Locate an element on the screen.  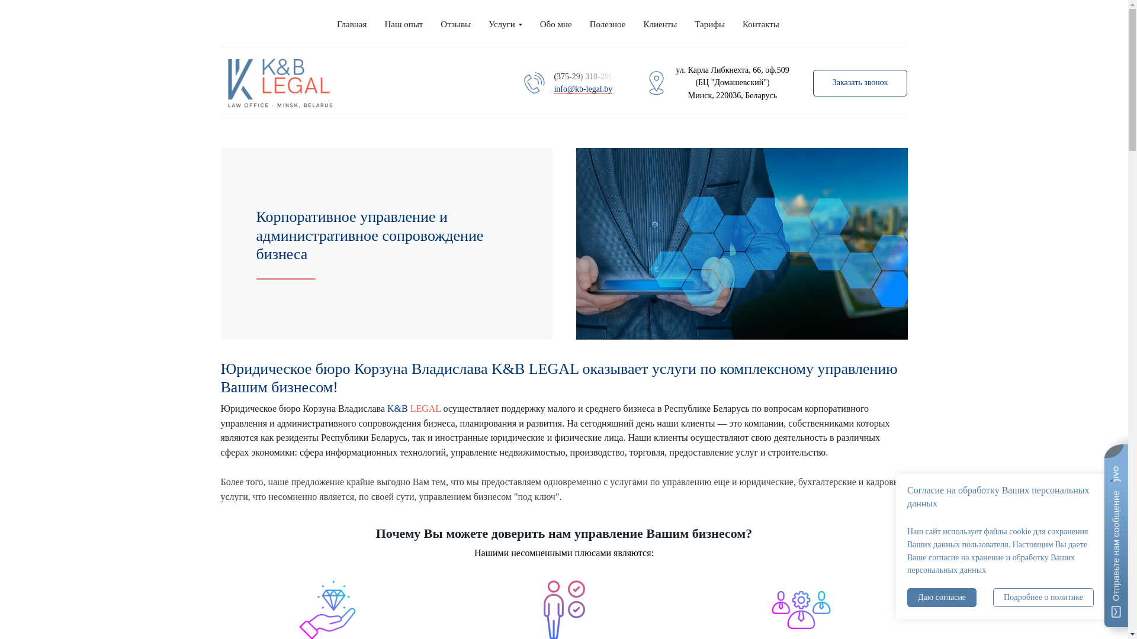
'info@kb-legal.by' is located at coordinates (583, 88).